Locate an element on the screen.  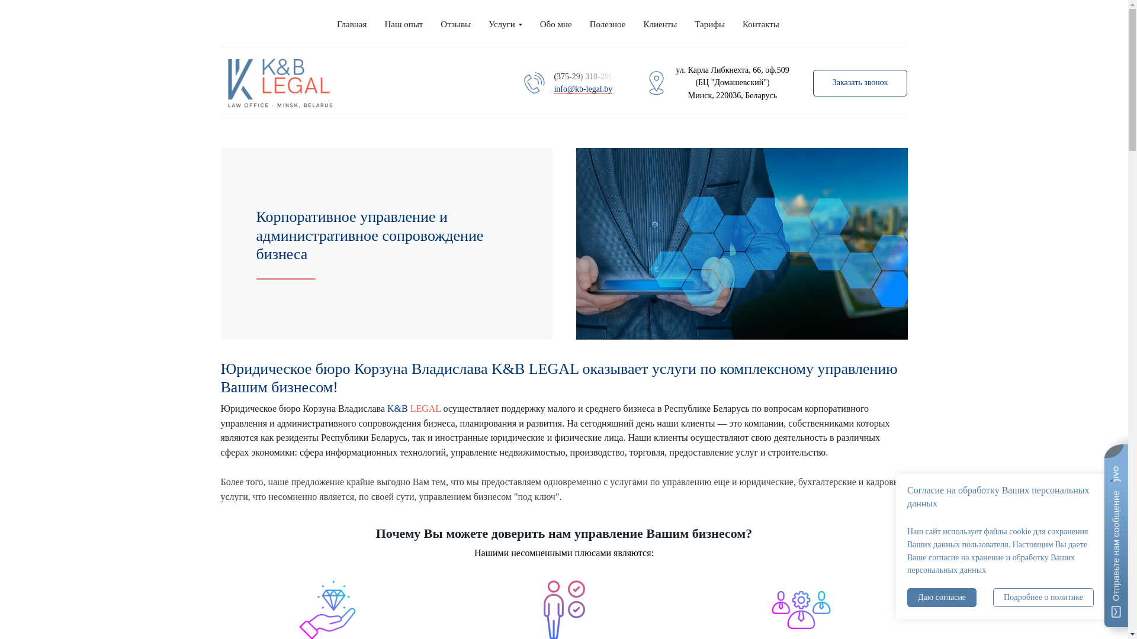
'info@kb-legal.by' is located at coordinates (583, 88).